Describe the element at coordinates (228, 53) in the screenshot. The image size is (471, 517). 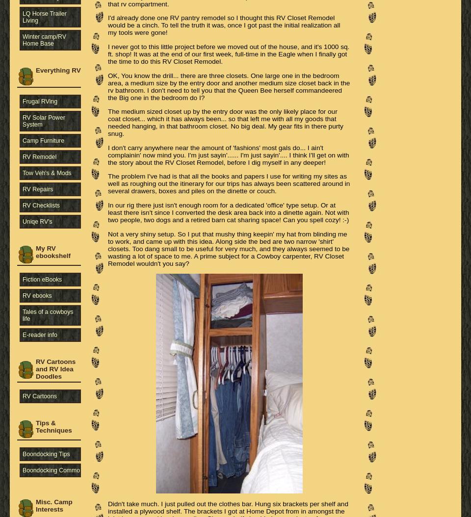
I see `'I never got to this little
project before we moved out of the house, and it's 1000 sq. ft. shop! It
was at the end of our first week, full-time in the Eagle when I finally
got the time to do this RV Closet Remodel.'` at that location.